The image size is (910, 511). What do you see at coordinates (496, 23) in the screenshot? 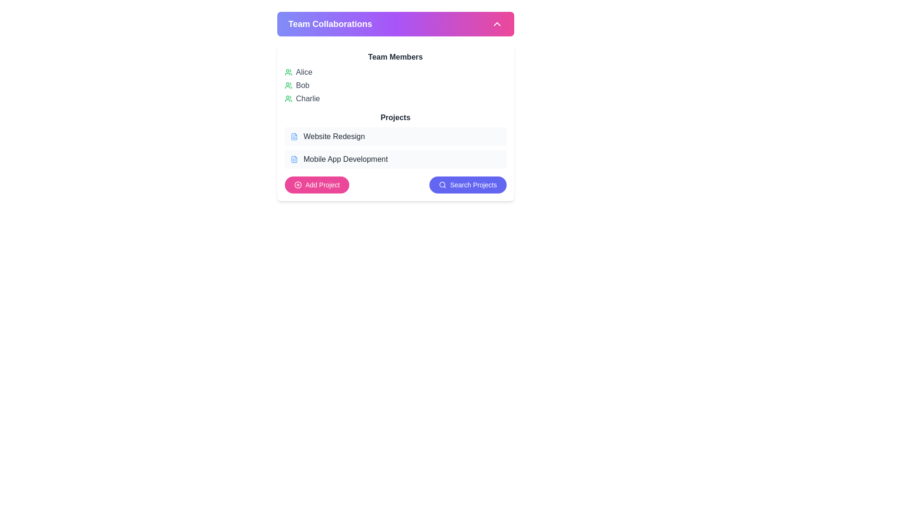
I see `the Chevron-Up icon located in the top-right corner of the 'Team Collaborations' header` at bounding box center [496, 23].